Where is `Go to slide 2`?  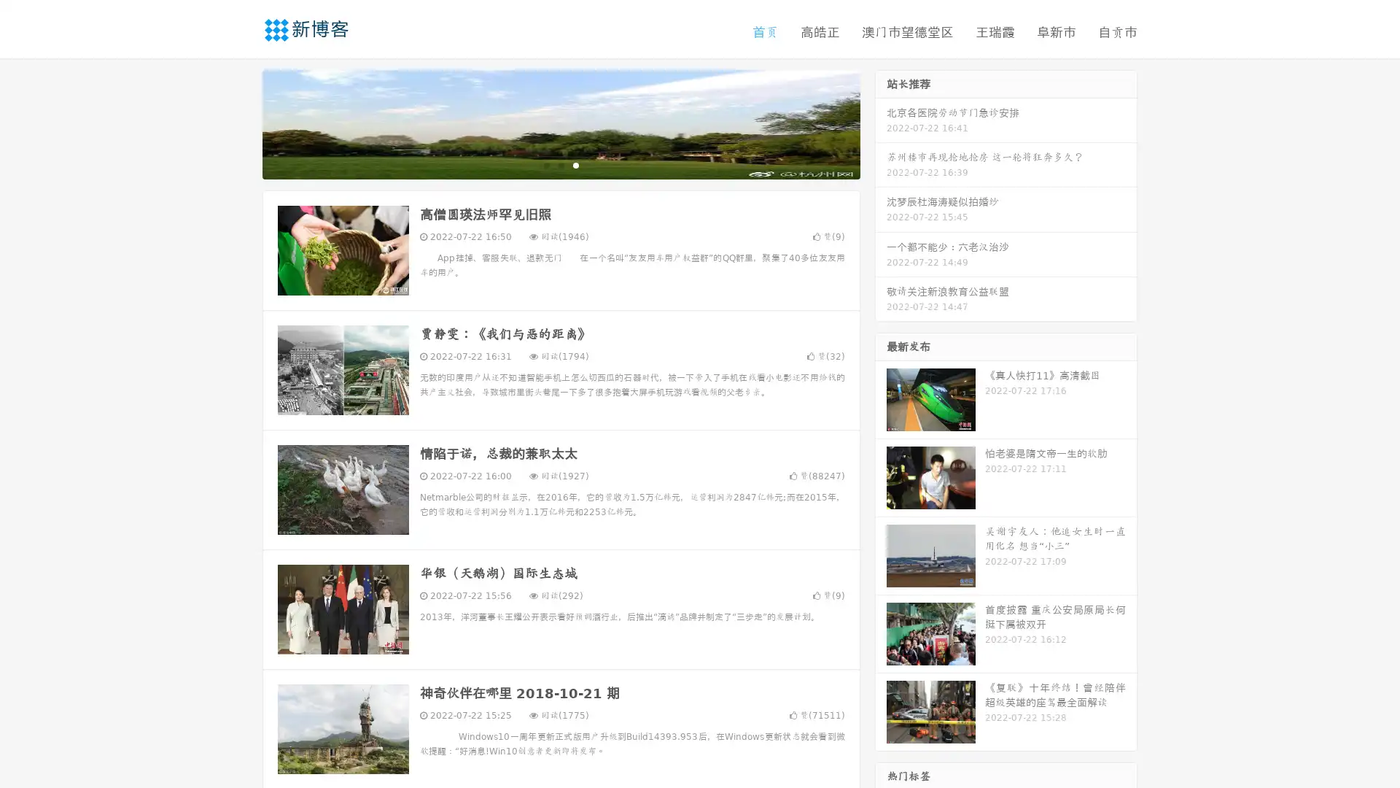 Go to slide 2 is located at coordinates (560, 164).